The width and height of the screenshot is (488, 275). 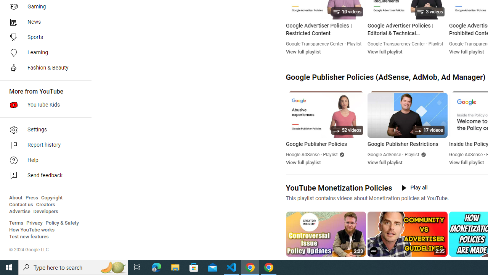 I want to click on 'News', so click(x=43, y=21).